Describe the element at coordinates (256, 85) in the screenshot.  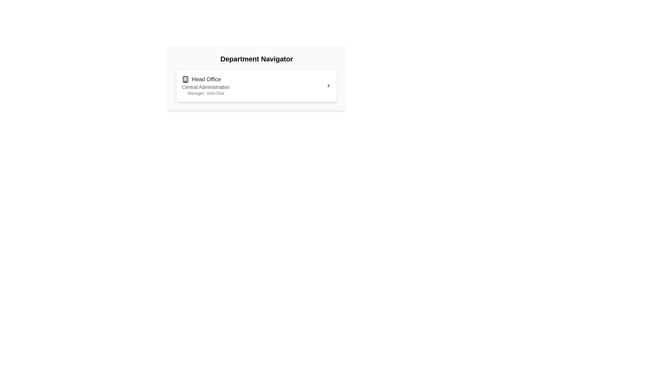
I see `the List item representing the 'Head Office' department, which is situated under the 'Department Navigator' title in the card layout` at that location.